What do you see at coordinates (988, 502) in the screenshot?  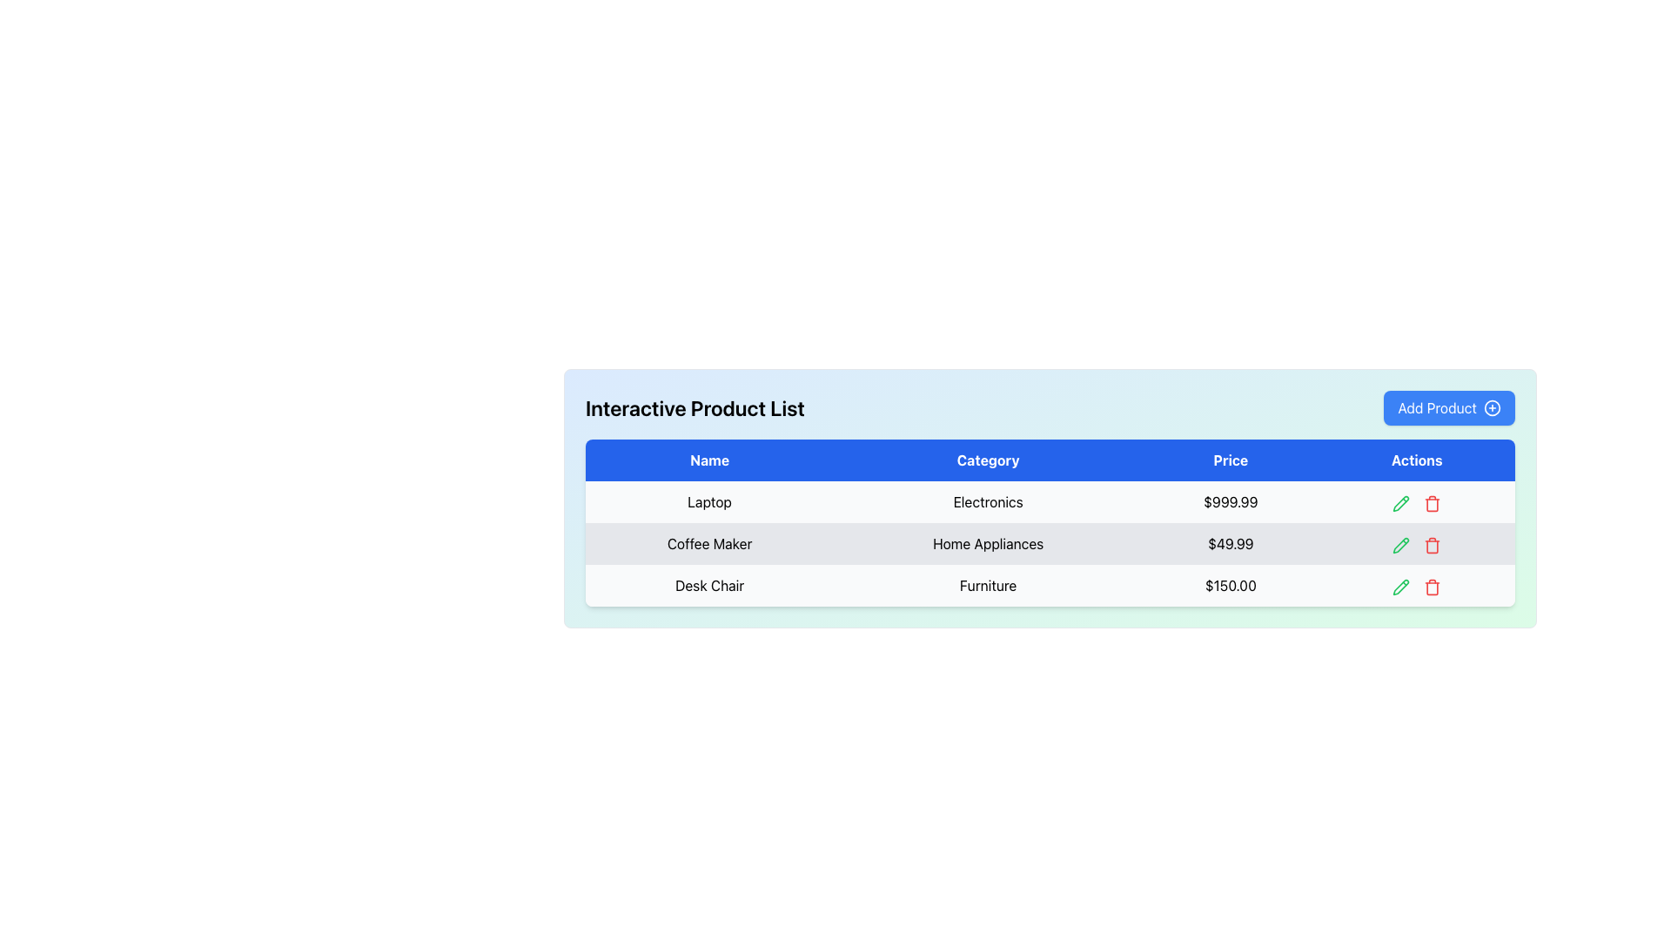 I see `the text display showing 'Electronics' located in the second column of the product details table, positioned between 'Laptop' and '$999.99'` at bounding box center [988, 502].